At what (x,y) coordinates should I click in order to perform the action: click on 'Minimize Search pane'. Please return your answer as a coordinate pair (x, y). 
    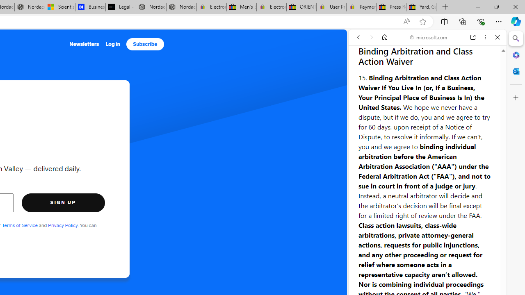
    Looking at the image, I should click on (516, 39).